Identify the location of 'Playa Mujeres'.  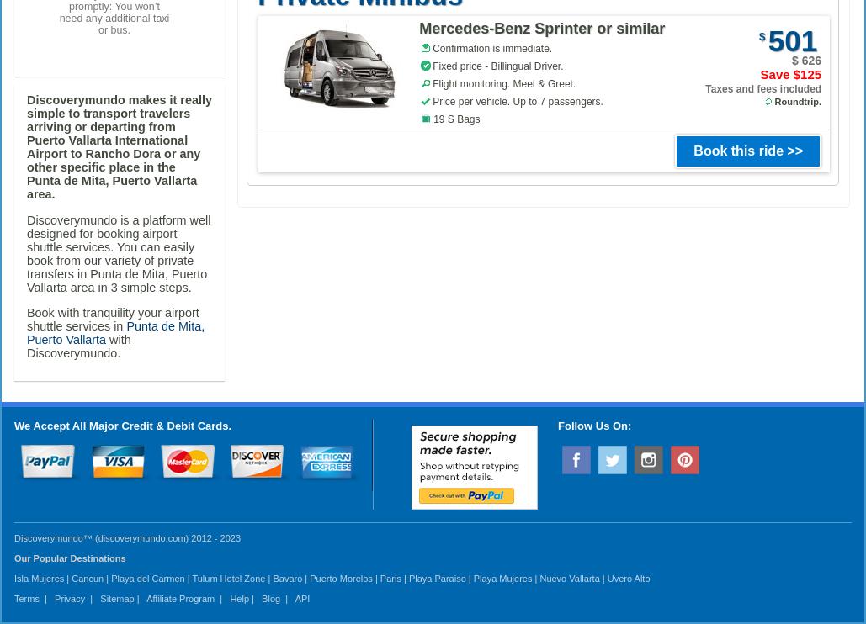
(472, 578).